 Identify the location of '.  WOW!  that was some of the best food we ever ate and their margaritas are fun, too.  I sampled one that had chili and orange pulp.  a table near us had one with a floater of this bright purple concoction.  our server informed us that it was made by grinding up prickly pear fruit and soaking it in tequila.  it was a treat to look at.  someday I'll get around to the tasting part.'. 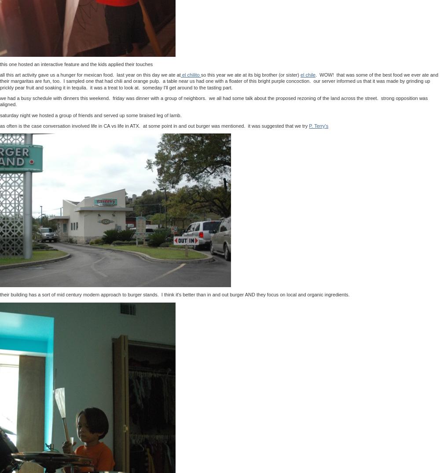
(219, 81).